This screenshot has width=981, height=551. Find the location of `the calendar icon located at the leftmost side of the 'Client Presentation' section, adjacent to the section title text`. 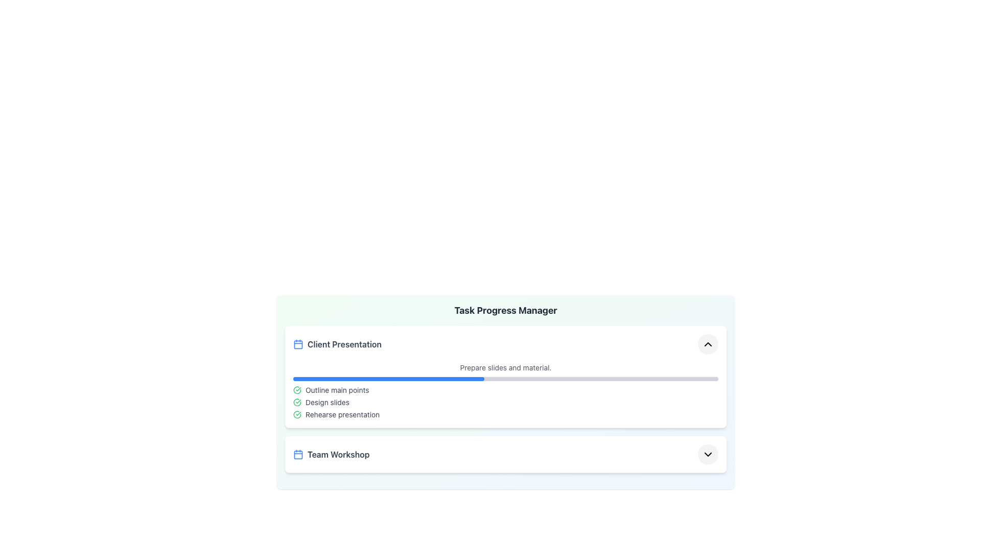

the calendar icon located at the leftmost side of the 'Client Presentation' section, adjacent to the section title text is located at coordinates (298, 344).